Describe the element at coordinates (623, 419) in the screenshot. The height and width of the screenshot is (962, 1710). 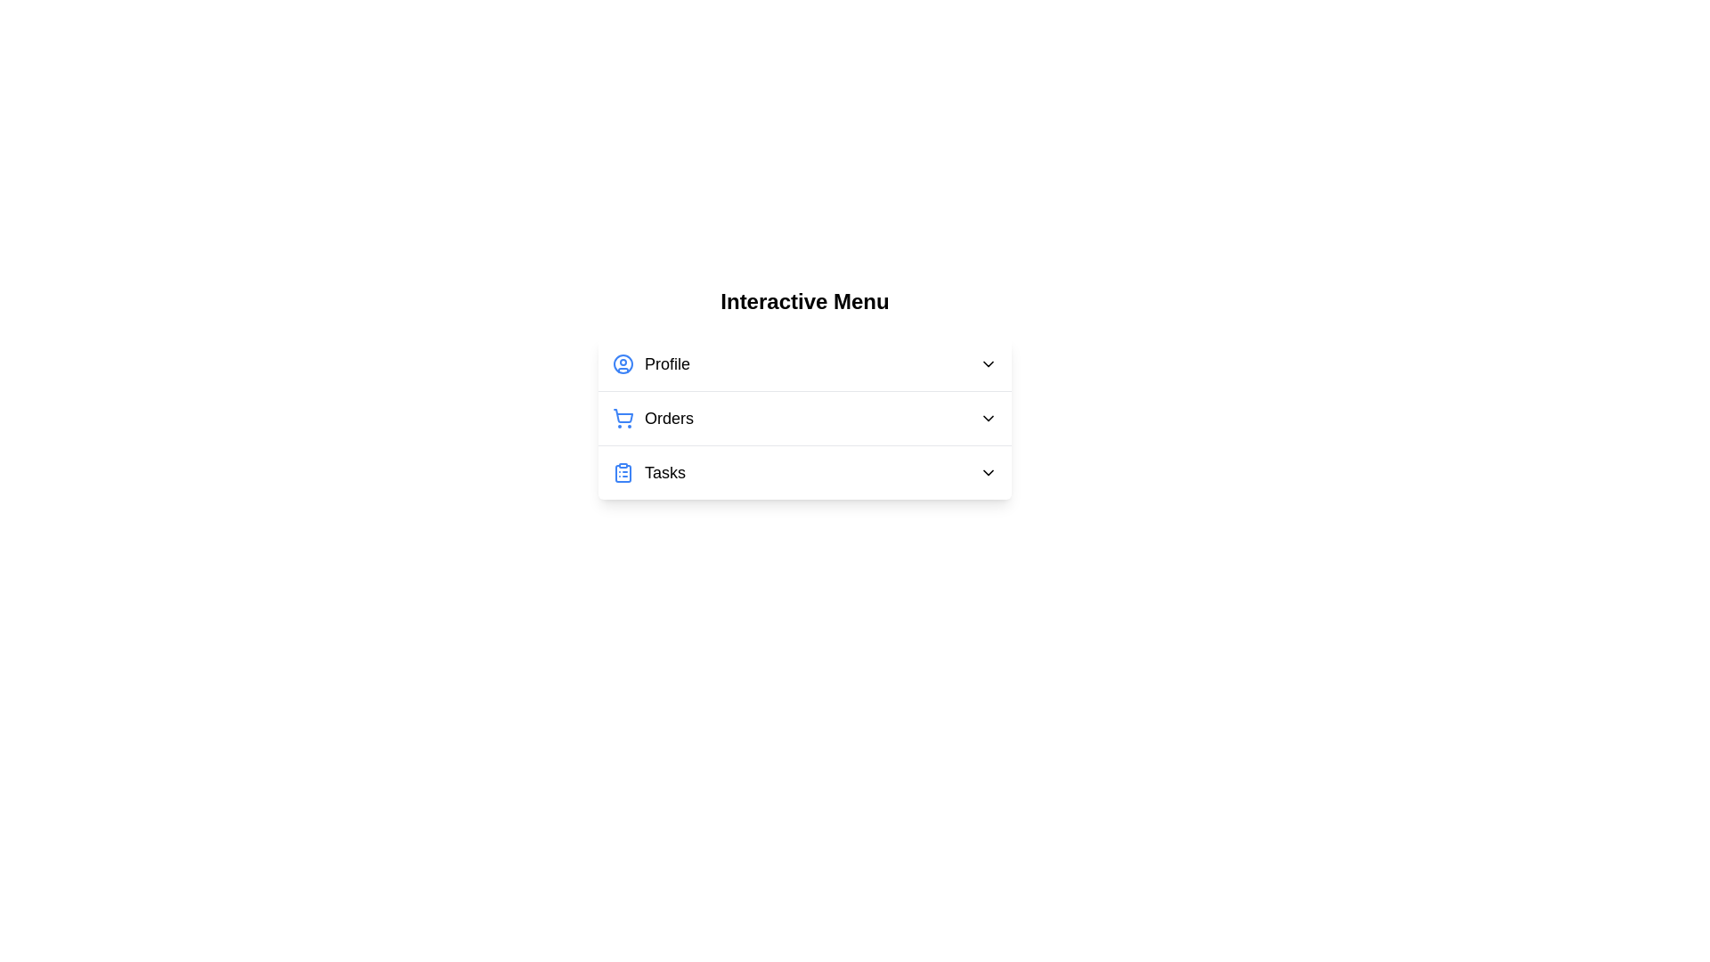
I see `the blue Shopping Cart Icon located left of the 'Orders' text, which is vertically aligned between the 'Profile' and 'Tasks' menu items` at that location.